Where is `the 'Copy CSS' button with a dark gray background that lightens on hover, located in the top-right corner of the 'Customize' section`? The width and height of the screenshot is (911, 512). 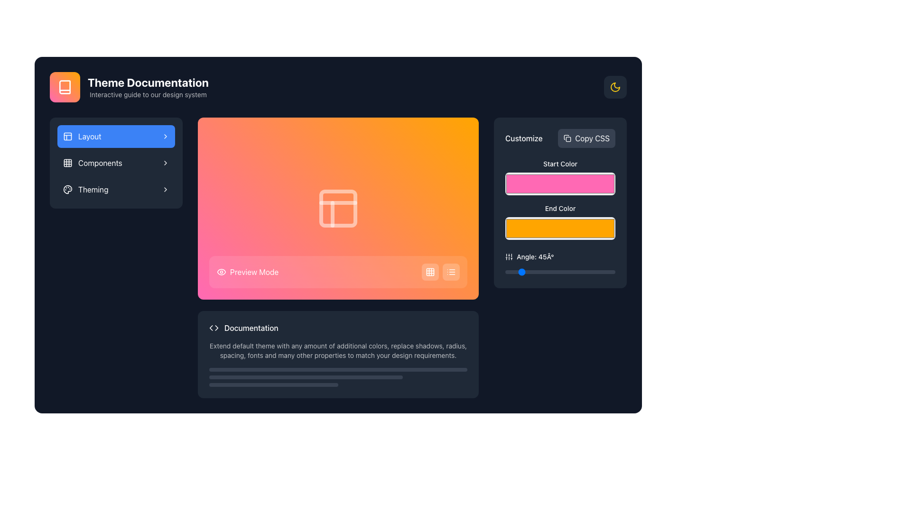
the 'Copy CSS' button with a dark gray background that lightens on hover, located in the top-right corner of the 'Customize' section is located at coordinates (586, 138).